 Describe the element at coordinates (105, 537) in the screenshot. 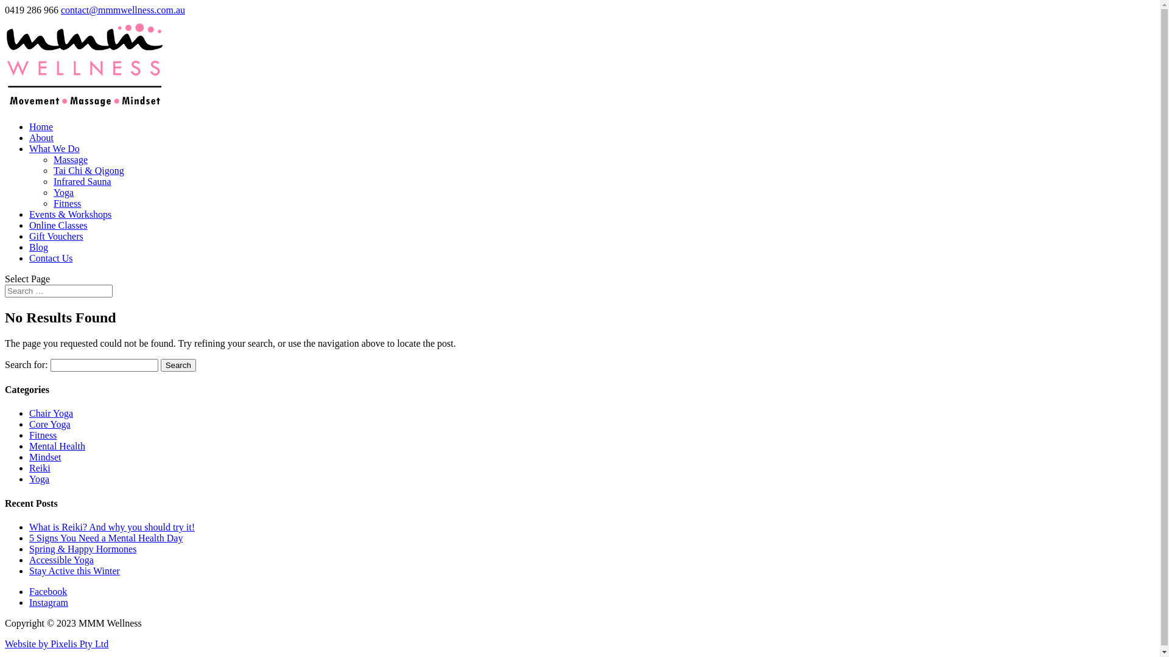

I see `'5 Signs You Need a Mental Health Day'` at that location.